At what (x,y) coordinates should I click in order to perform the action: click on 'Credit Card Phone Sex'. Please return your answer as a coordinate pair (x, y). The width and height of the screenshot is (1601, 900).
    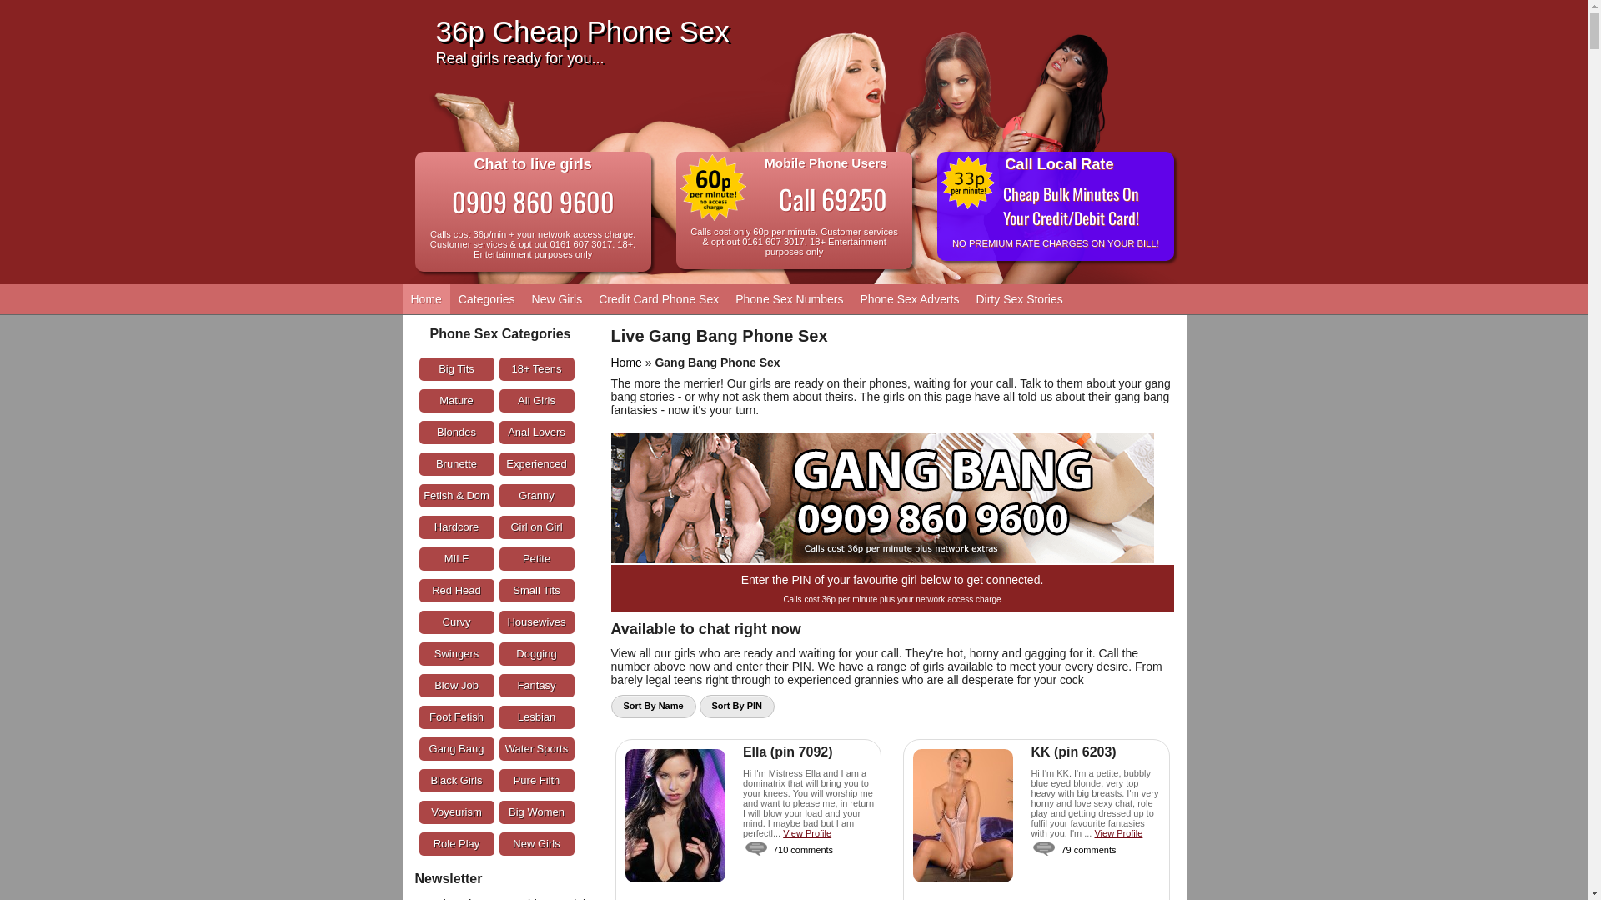
    Looking at the image, I should click on (658, 297).